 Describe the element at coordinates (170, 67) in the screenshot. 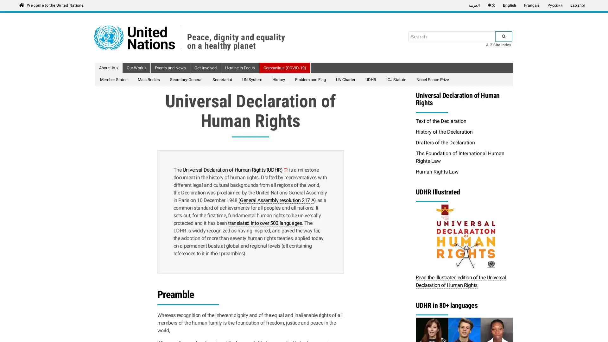

I see `Events and News` at that location.